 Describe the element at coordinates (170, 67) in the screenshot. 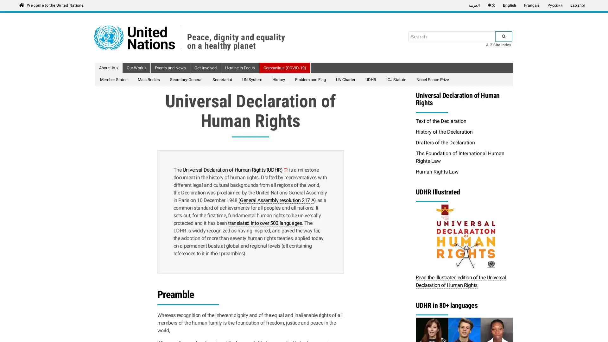

I see `Events and News` at that location.